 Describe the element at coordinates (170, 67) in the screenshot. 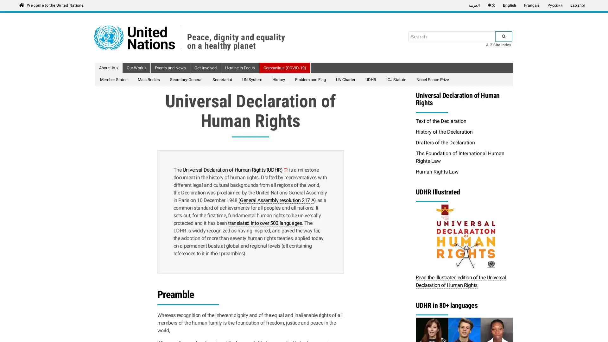

I see `Events and News` at that location.